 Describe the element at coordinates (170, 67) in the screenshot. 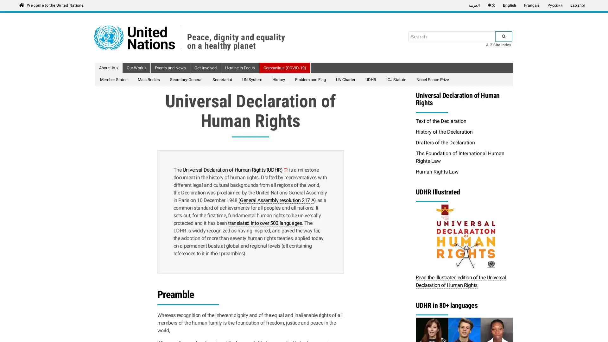

I see `Events and News` at that location.